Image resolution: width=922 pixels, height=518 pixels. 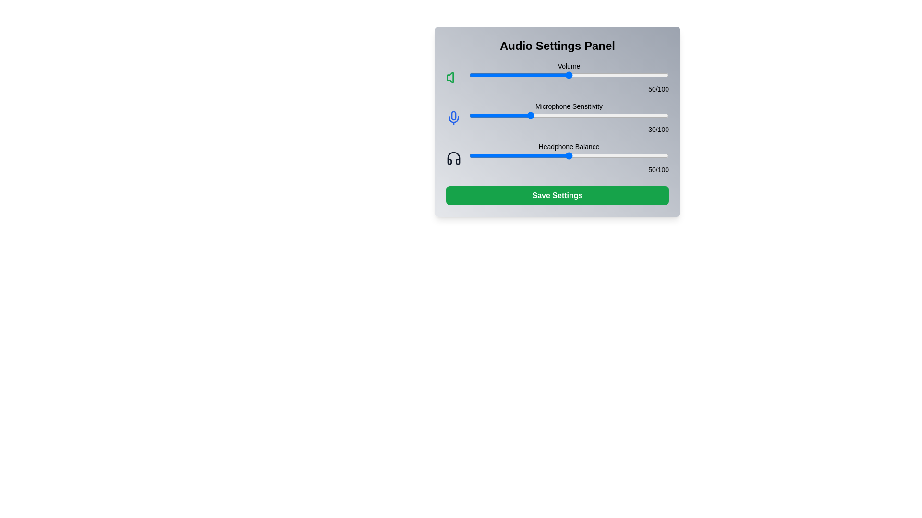 I want to click on headphone balance, so click(x=475, y=155).